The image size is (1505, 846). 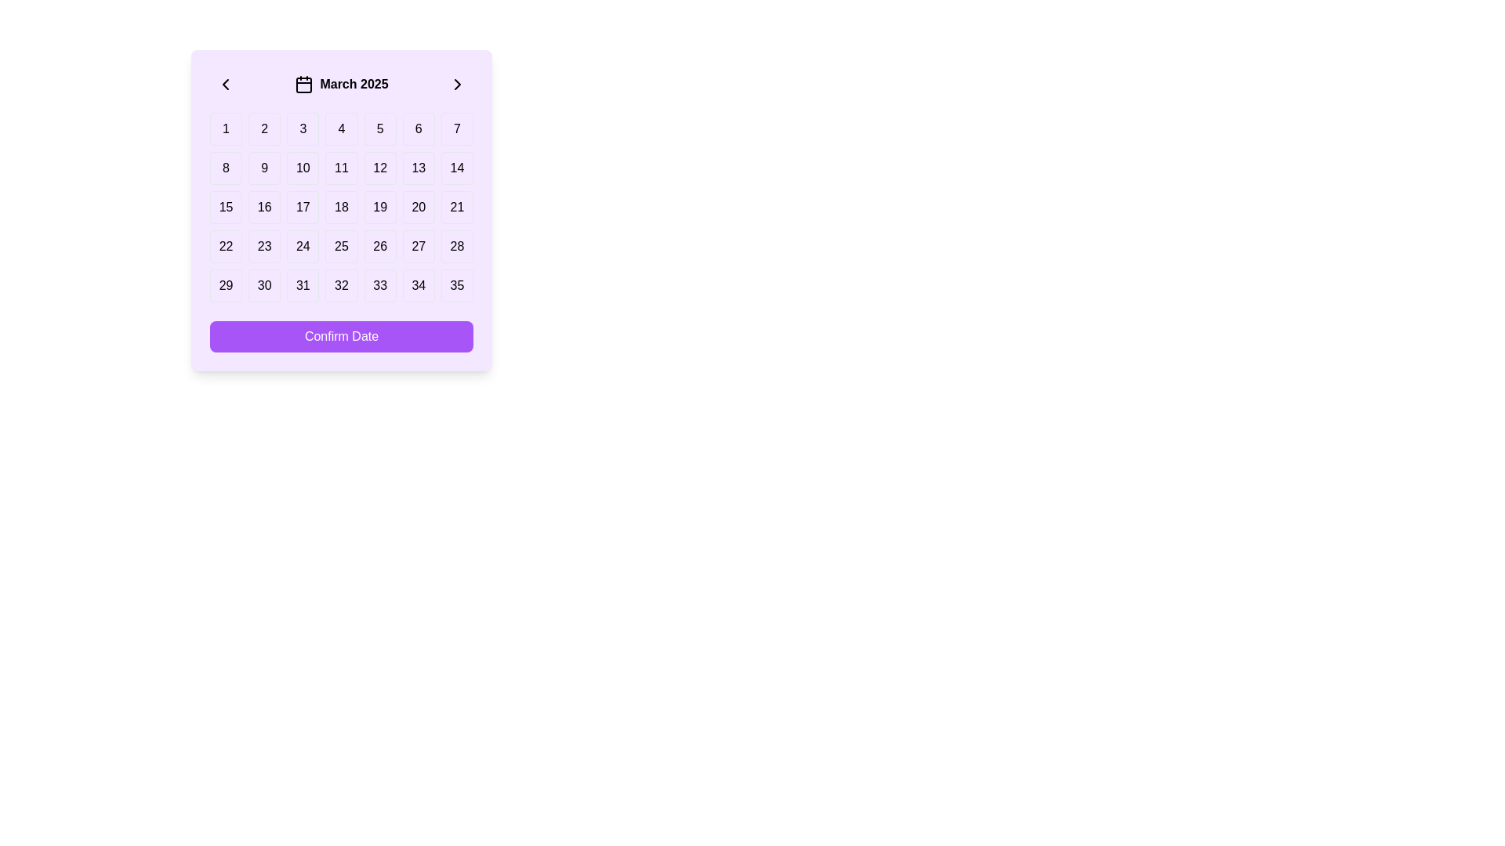 I want to click on the calendar date button representing the value '9', so click(x=264, y=168).